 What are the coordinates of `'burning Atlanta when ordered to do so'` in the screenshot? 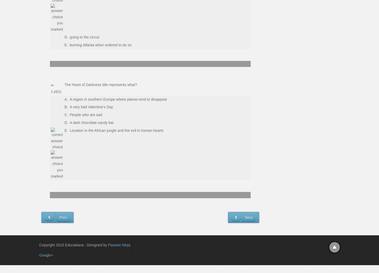 It's located at (100, 44).